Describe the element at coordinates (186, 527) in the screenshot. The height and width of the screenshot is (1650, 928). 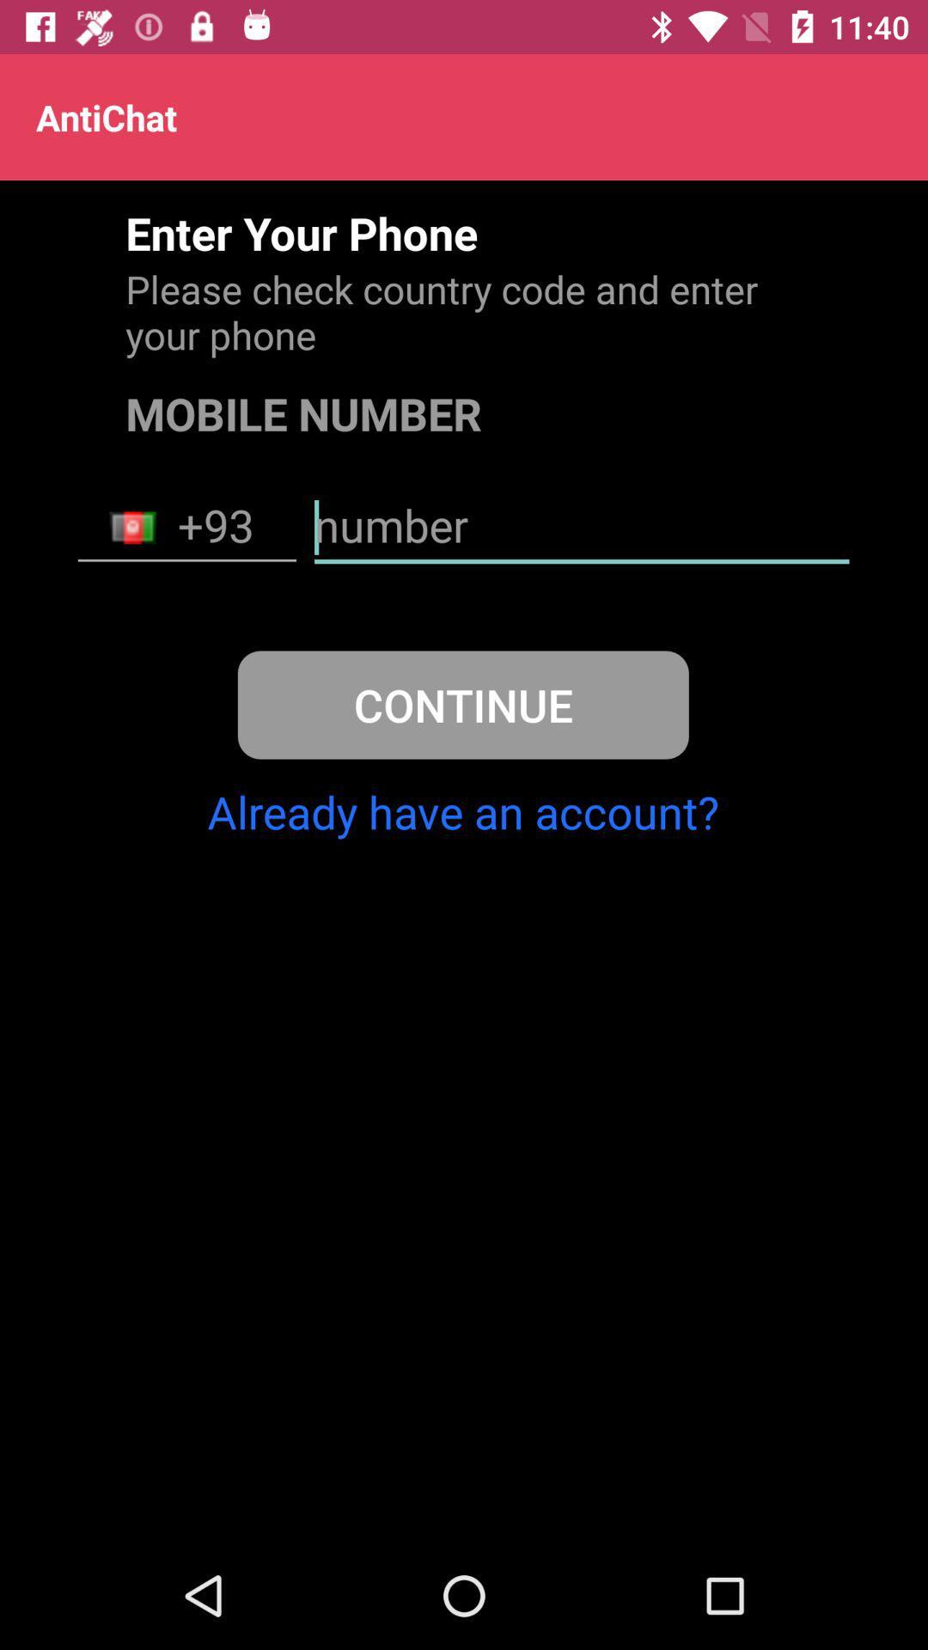
I see `the icon above the continue icon` at that location.